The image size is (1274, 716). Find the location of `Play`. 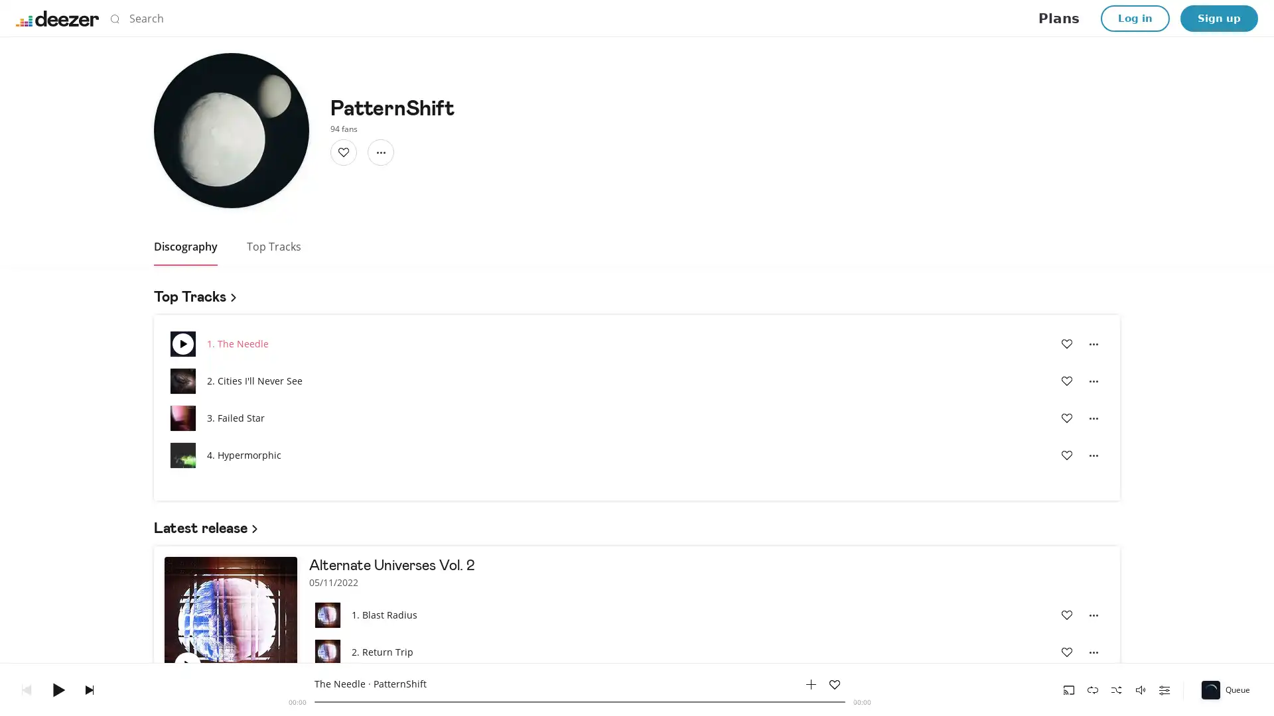

Play is located at coordinates (187, 665).